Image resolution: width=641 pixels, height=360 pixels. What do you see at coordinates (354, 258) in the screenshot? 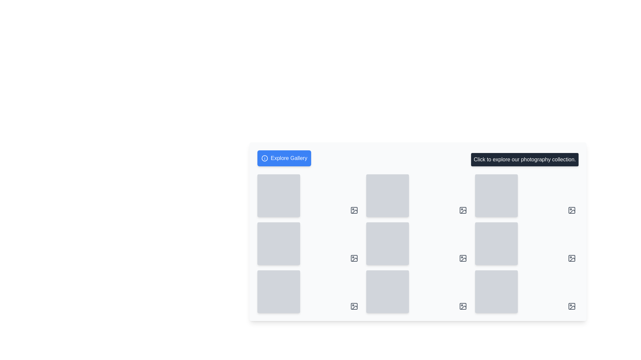
I see `the icon component that symbolizes a missing or unavailable image in the bottom-right portion of the grid layout` at bounding box center [354, 258].